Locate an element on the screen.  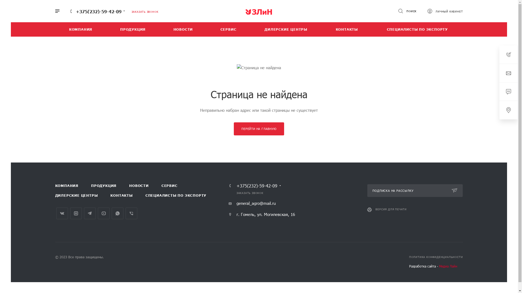
'Viber' is located at coordinates (131, 213).